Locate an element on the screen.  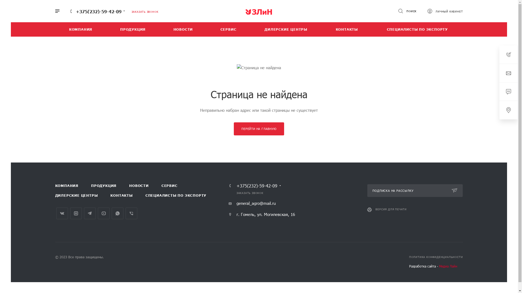
'Viber' is located at coordinates (131, 213).